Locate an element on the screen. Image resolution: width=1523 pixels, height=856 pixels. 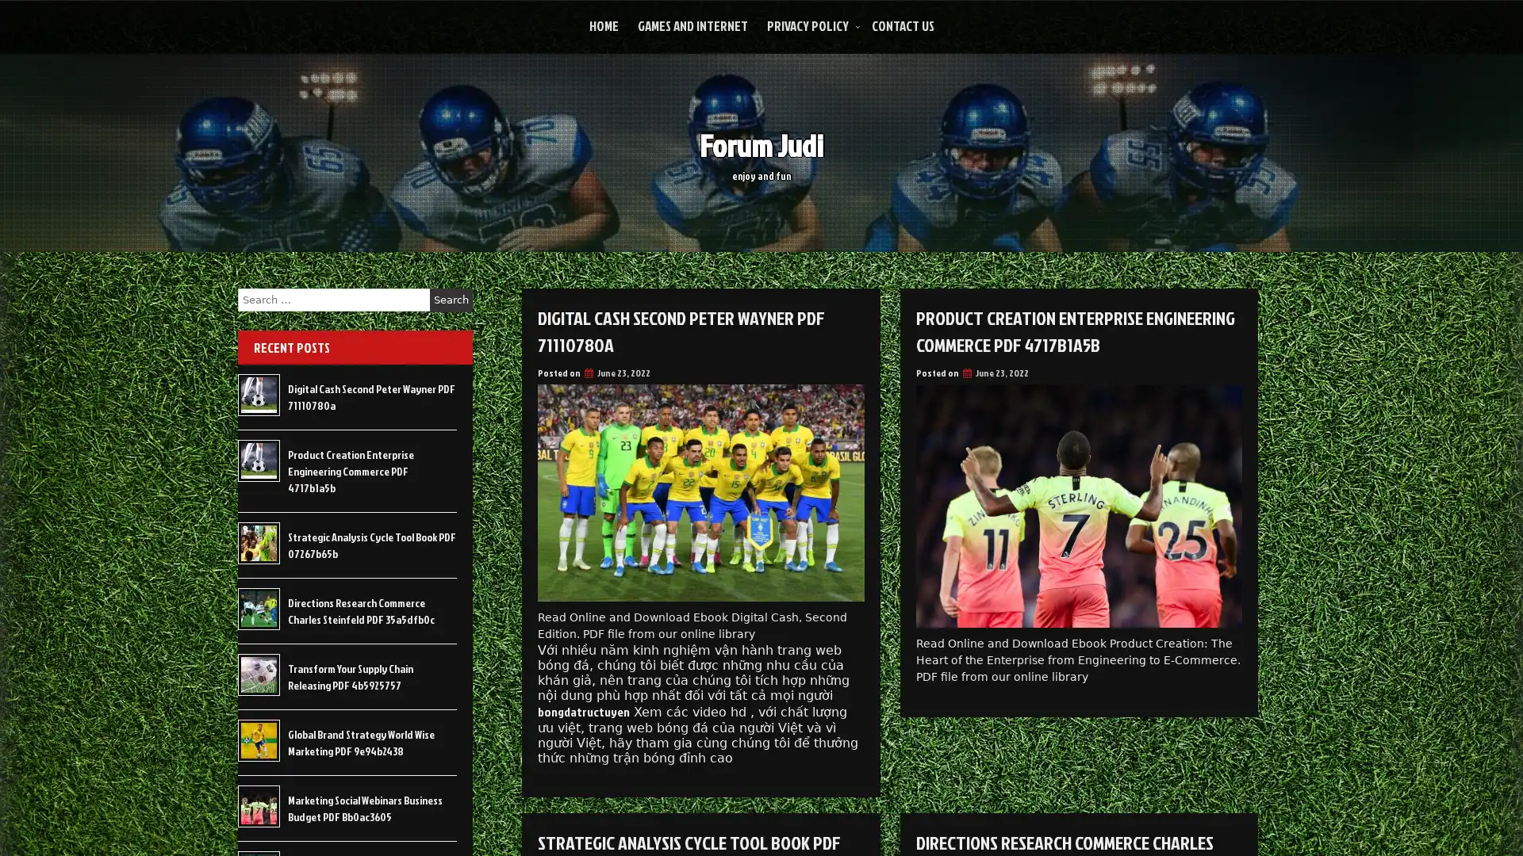
Search is located at coordinates (451, 300).